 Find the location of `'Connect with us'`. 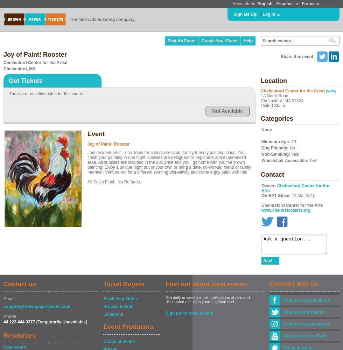

'Connect with us' is located at coordinates (294, 284).